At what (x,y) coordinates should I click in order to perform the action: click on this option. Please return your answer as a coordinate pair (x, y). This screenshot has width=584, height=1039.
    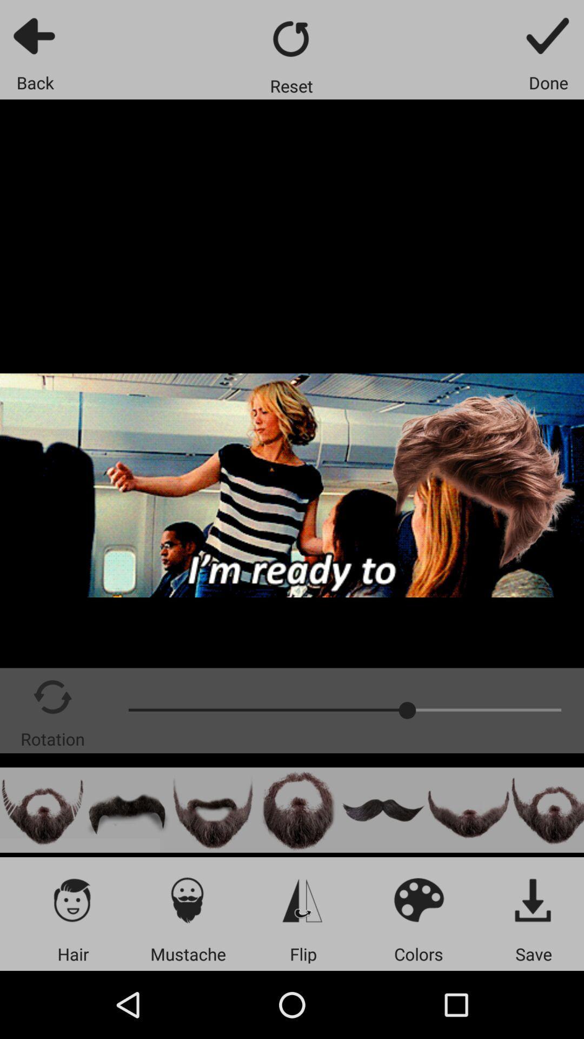
    Looking at the image, I should click on (547, 810).